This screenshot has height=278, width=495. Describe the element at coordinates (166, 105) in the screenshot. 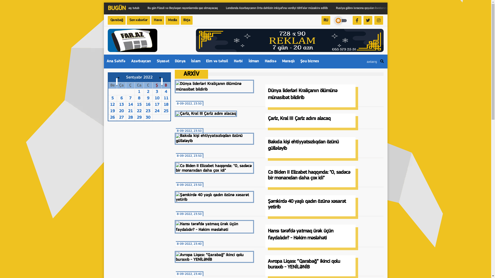

I see `'18'` at that location.